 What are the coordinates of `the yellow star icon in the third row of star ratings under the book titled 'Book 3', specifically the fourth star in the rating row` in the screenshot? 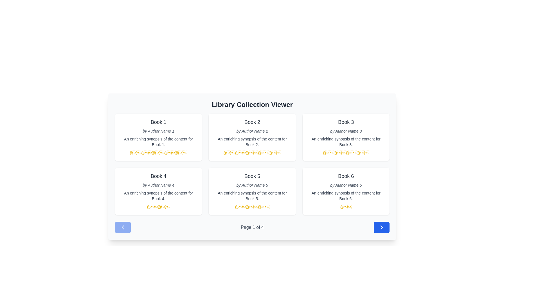 It's located at (363, 153).